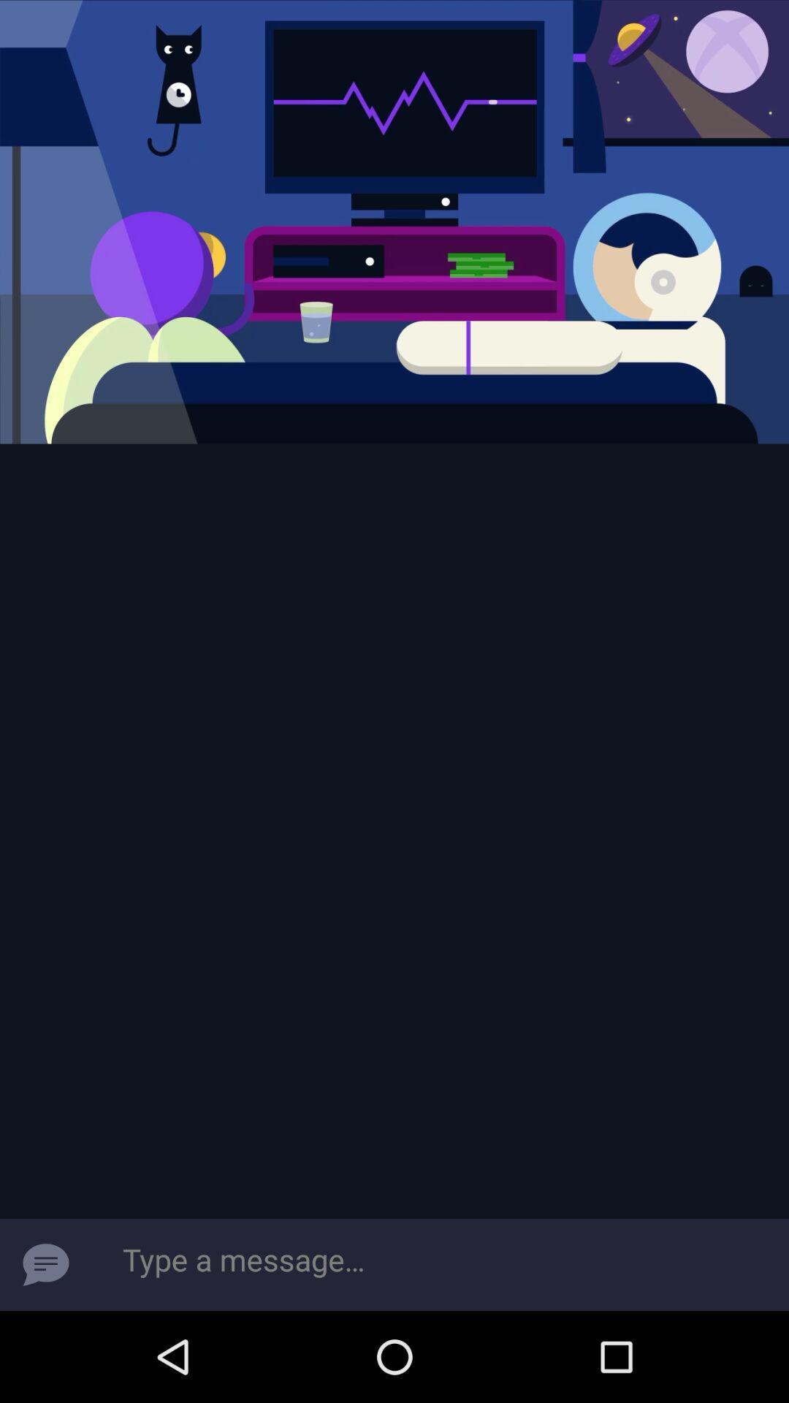  Describe the element at coordinates (45, 1264) in the screenshot. I see `the icon at the bottom left corner` at that location.